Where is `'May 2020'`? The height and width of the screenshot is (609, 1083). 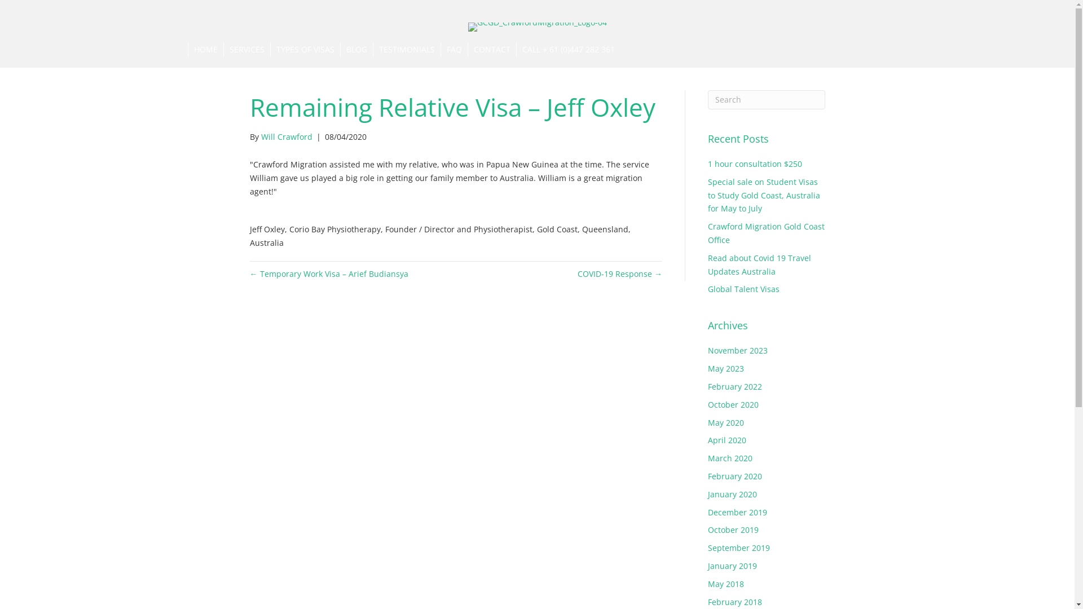
'May 2020' is located at coordinates (725, 422).